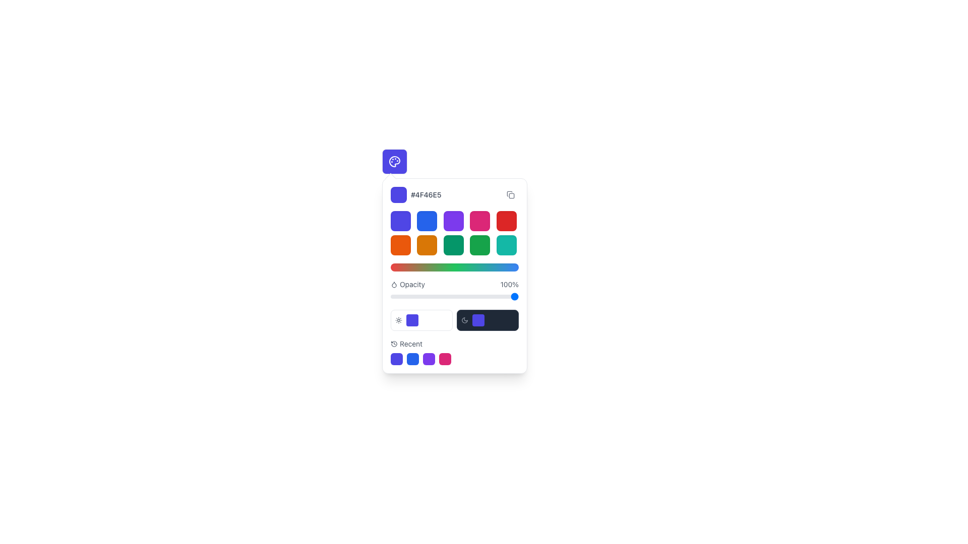 The height and width of the screenshot is (544, 968). Describe the element at coordinates (464, 296) in the screenshot. I see `opacity` at that location.